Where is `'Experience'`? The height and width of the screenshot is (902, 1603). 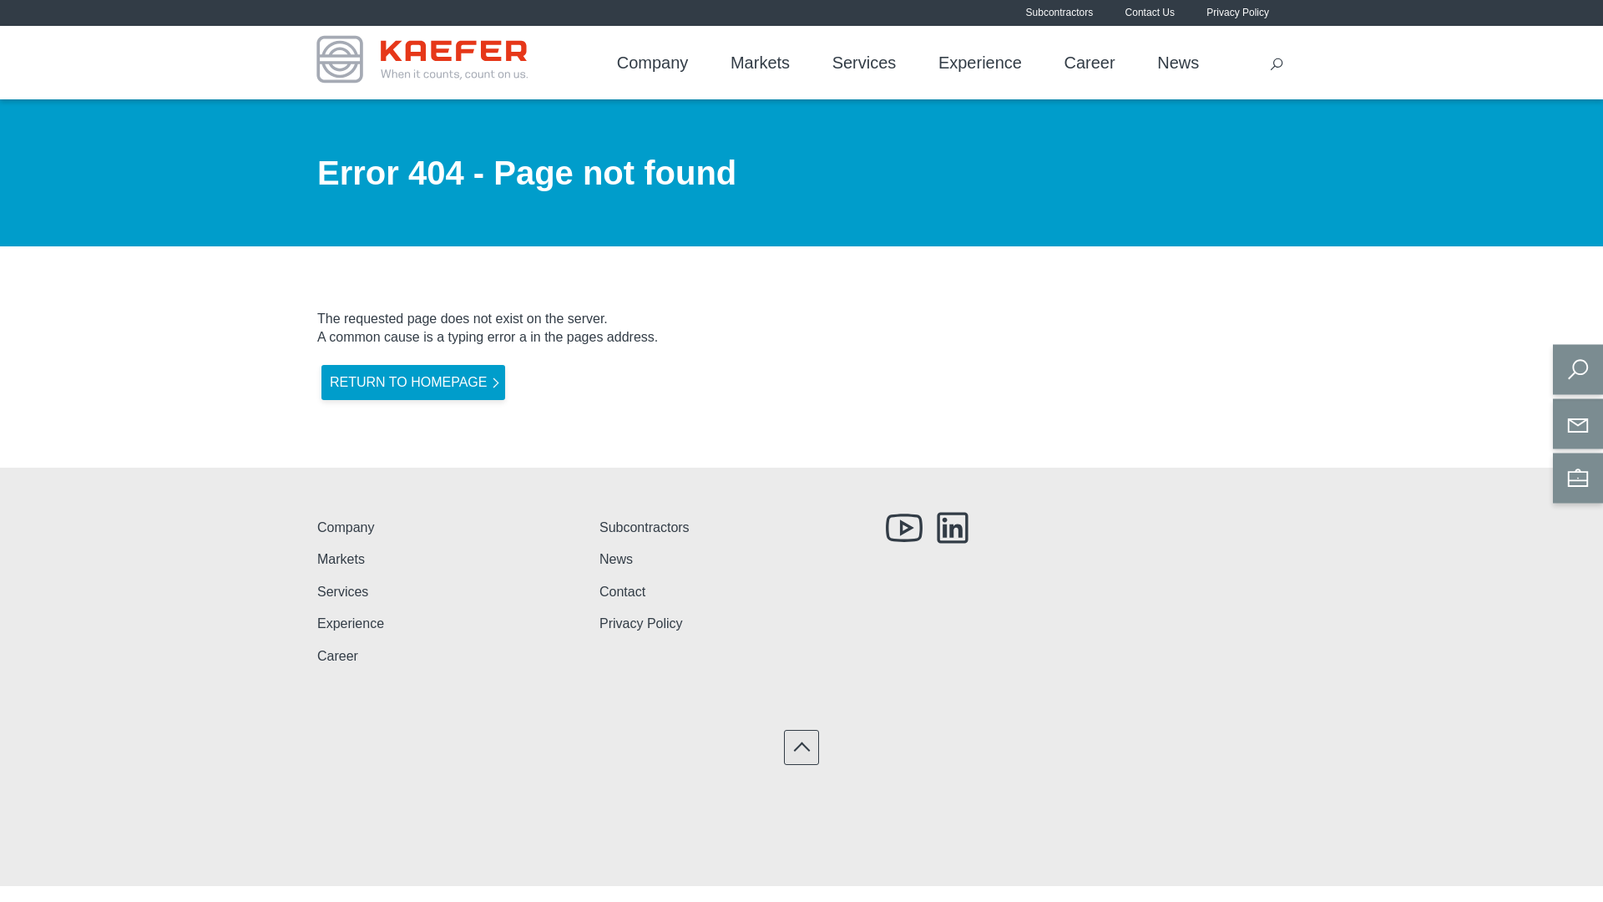
'Experience' is located at coordinates (980, 63).